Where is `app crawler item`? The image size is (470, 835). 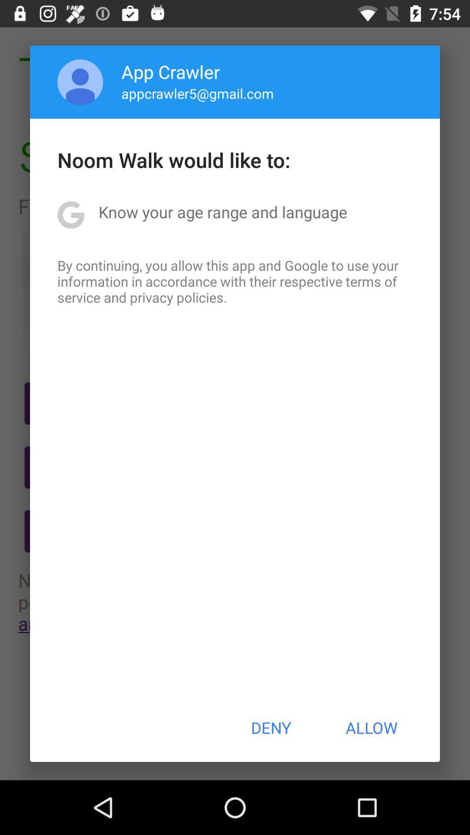
app crawler item is located at coordinates (171, 71).